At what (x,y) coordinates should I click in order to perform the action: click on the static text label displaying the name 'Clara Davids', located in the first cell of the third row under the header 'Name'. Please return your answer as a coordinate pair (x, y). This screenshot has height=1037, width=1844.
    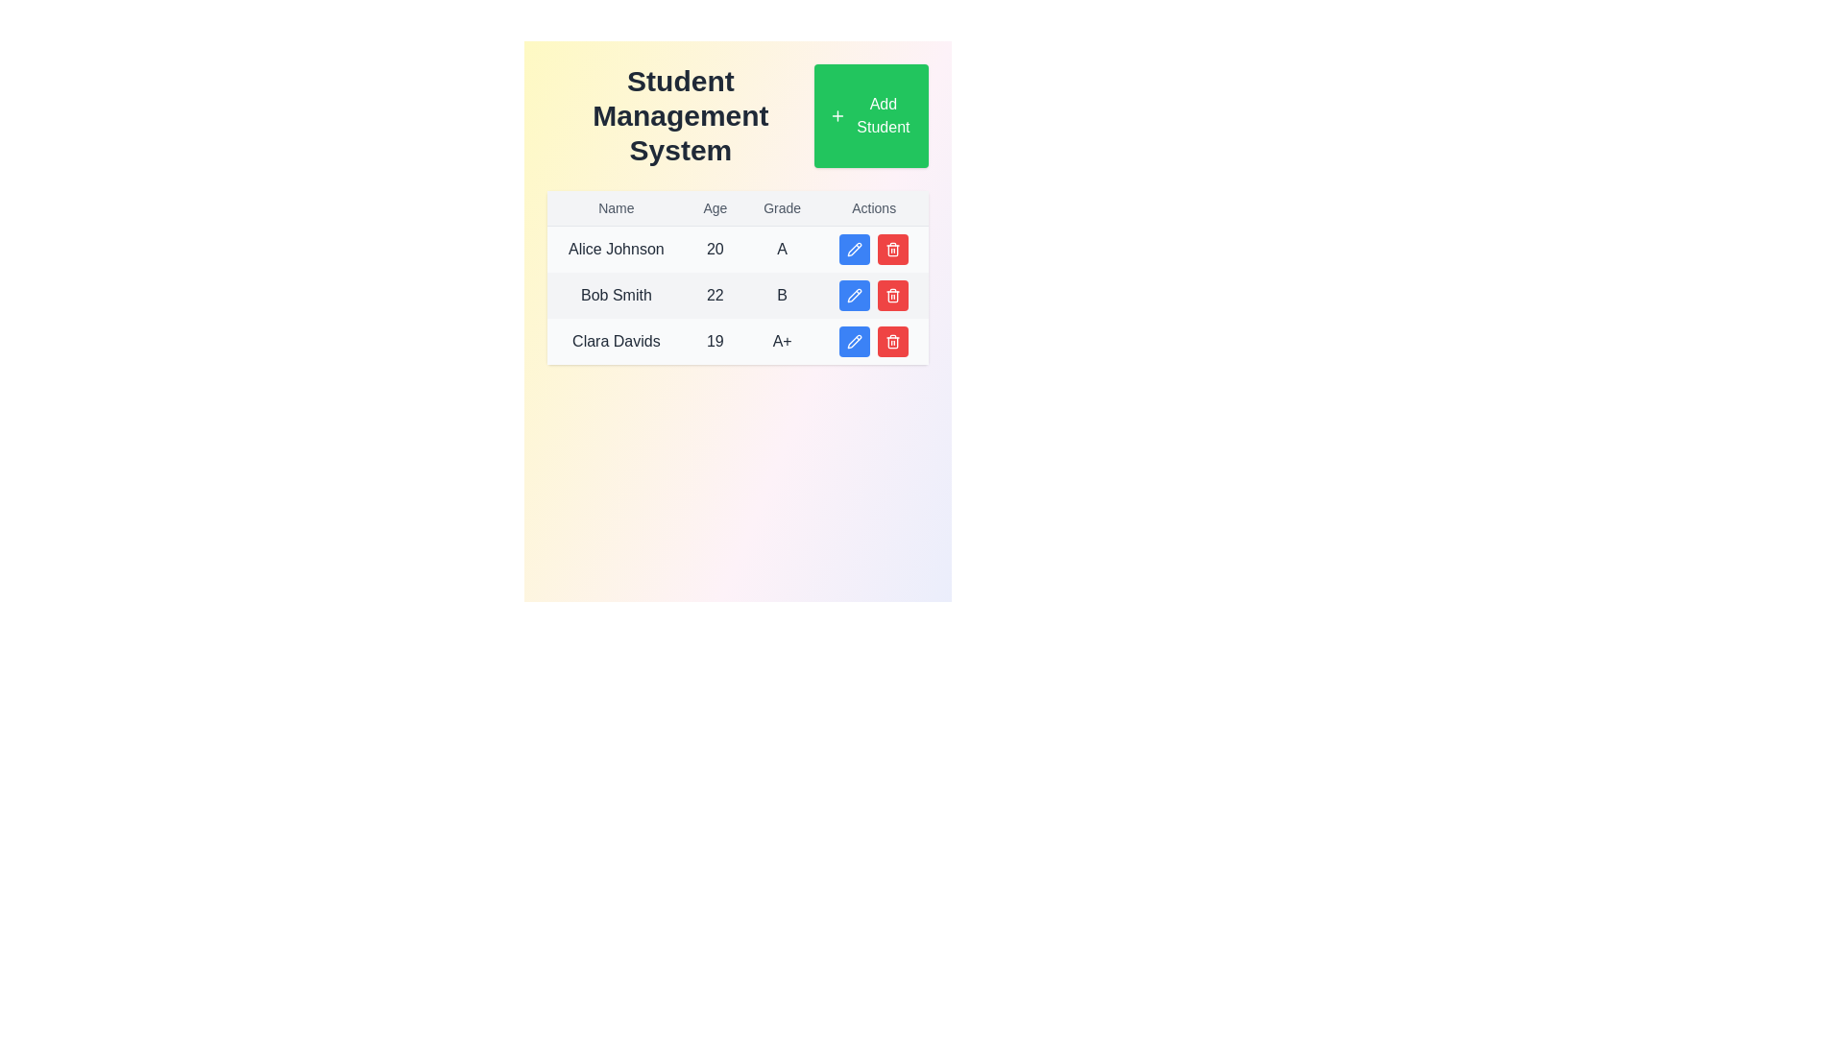
    Looking at the image, I should click on (616, 340).